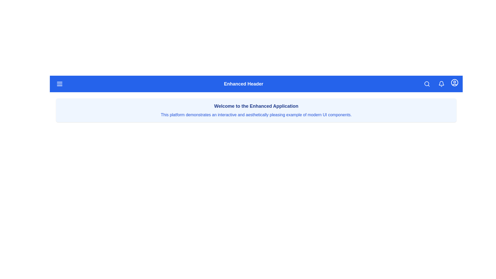 This screenshot has height=279, width=496. Describe the element at coordinates (427, 83) in the screenshot. I see `the search button` at that location.